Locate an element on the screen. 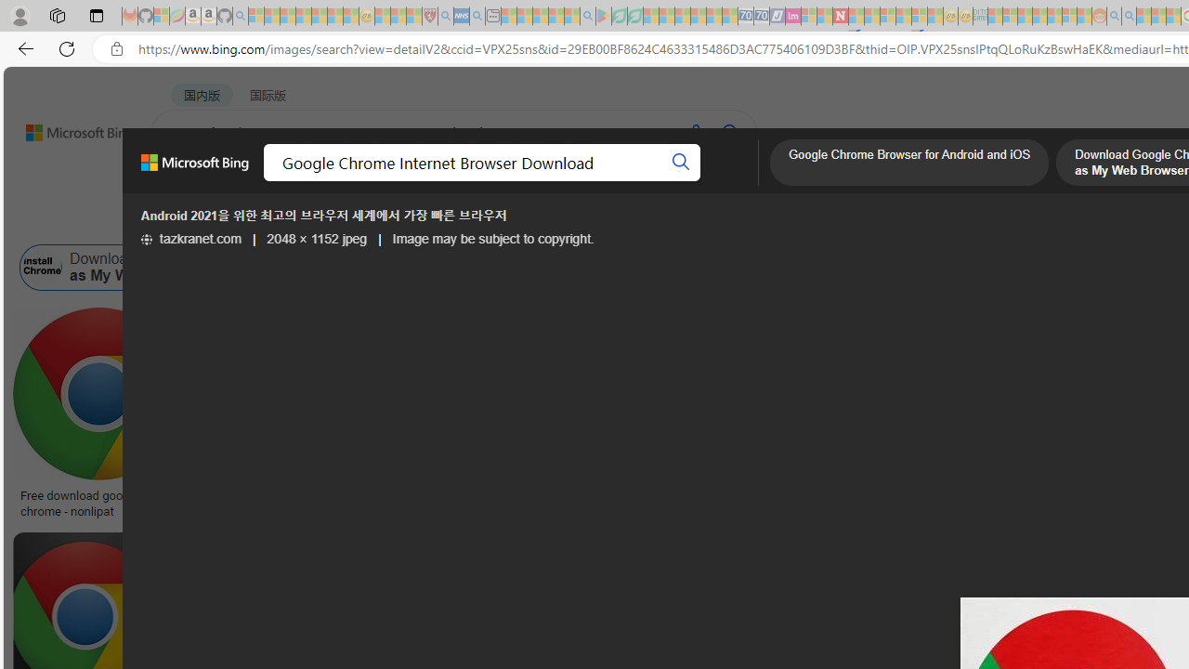 This screenshot has width=1189, height=669. 'Date' is located at coordinates (549, 219).